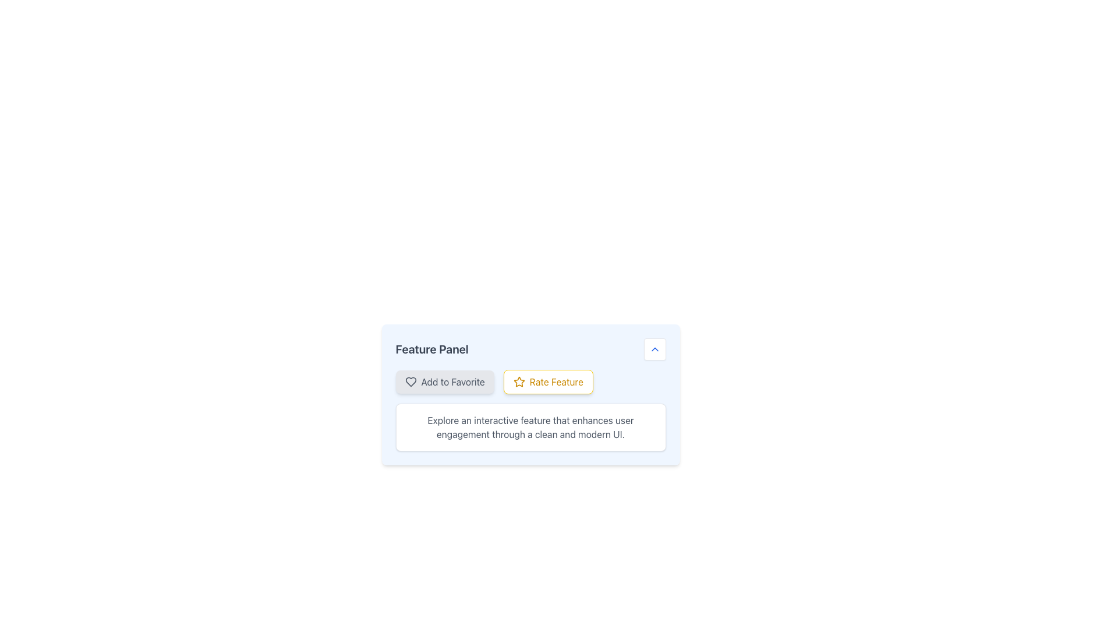 The height and width of the screenshot is (629, 1118). What do you see at coordinates (411, 381) in the screenshot?
I see `the heart icon located within the left button labeled 'Add to Favorite'` at bounding box center [411, 381].